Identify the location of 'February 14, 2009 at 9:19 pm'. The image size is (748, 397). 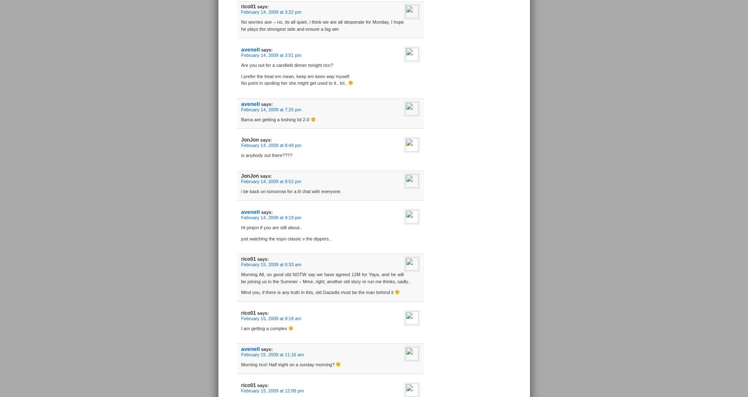
(270, 217).